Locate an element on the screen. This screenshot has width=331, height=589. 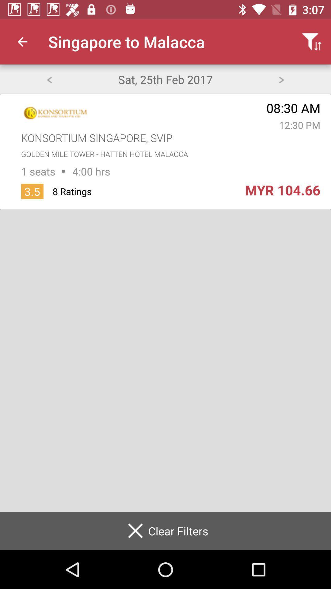
icon next to the sat 25th feb item is located at coordinates (281, 79).